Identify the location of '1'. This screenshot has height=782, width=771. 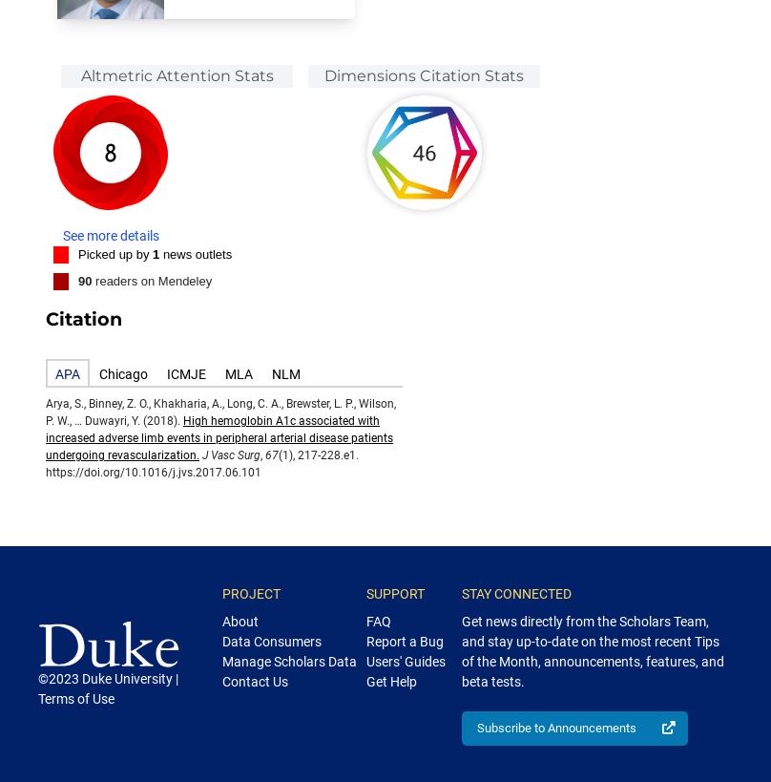
(155, 252).